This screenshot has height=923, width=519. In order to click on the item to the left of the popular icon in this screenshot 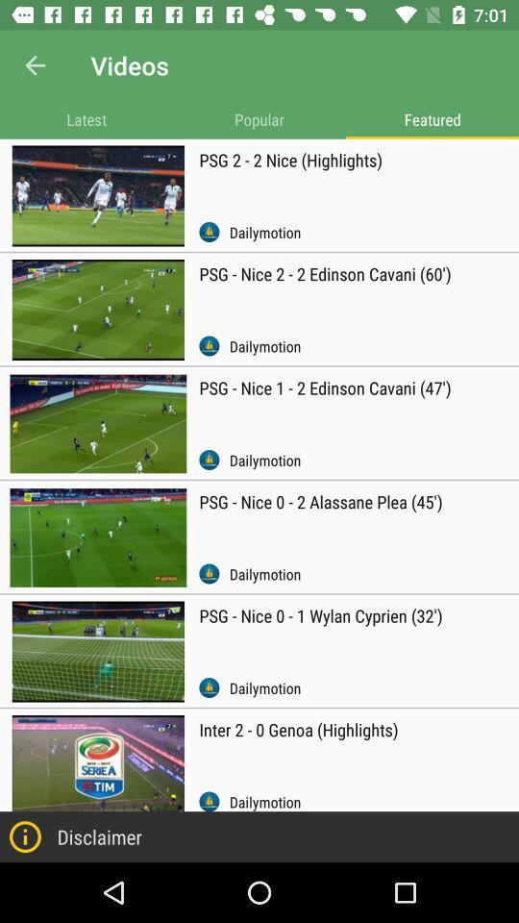, I will do `click(86, 118)`.